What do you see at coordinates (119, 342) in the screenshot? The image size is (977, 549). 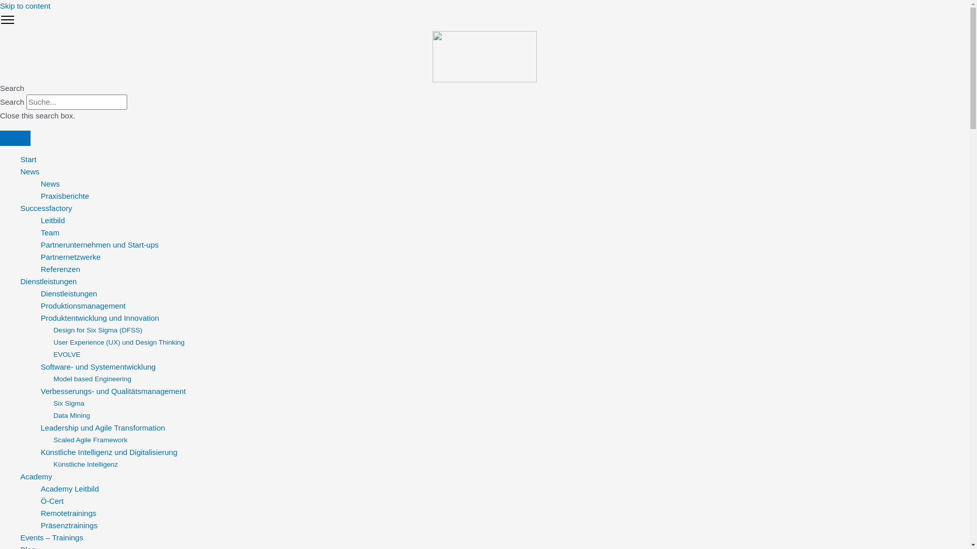 I see `'User Experience (UX) und Design Thinking'` at bounding box center [119, 342].